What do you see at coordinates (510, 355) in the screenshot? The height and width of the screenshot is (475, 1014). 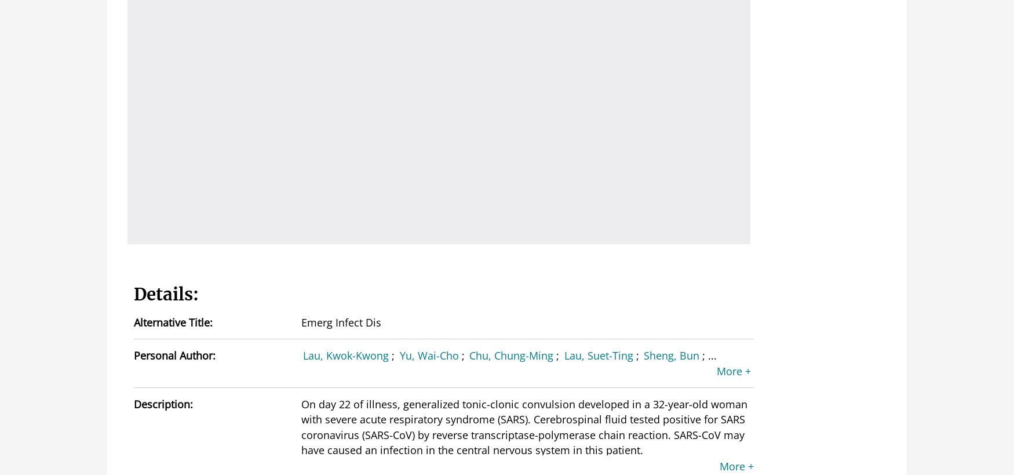 I see `'Chu, Chung-Ming'` at bounding box center [510, 355].